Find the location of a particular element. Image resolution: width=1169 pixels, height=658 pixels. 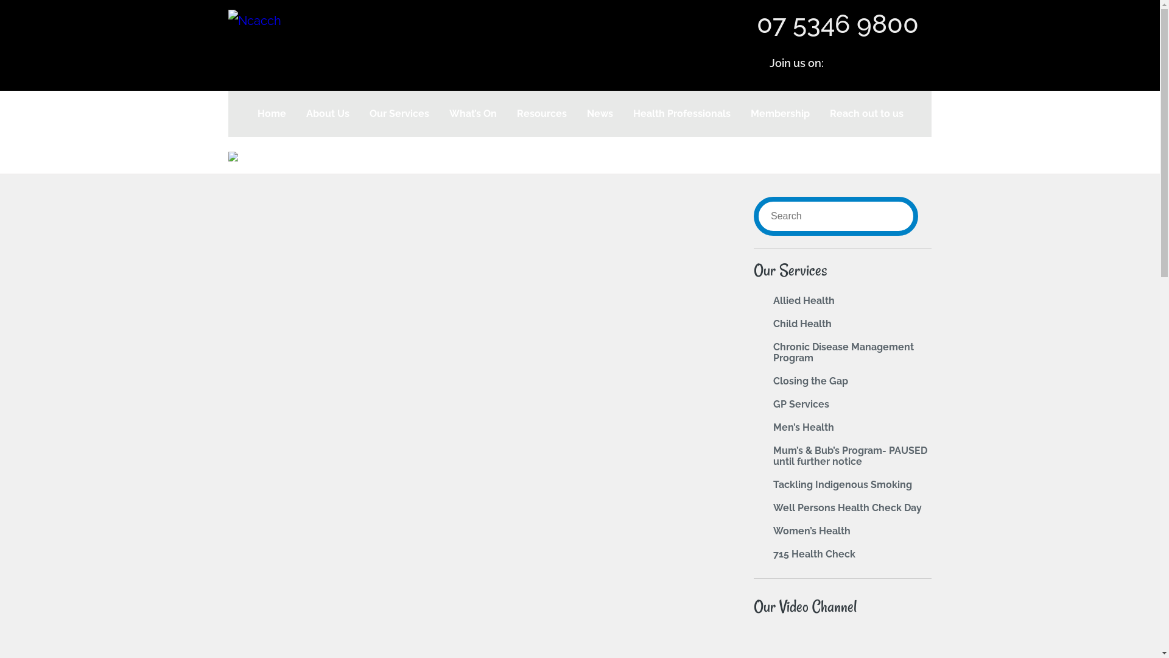

'Closing the Gap' is located at coordinates (773, 380).